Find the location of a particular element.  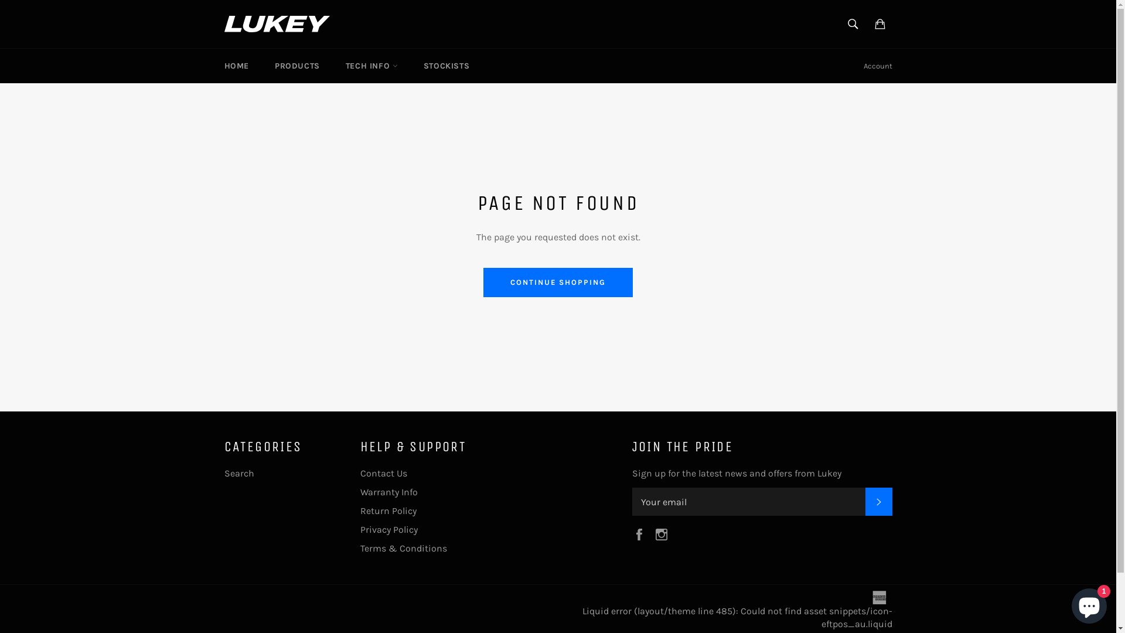

'STOCKISTS' is located at coordinates (446, 66).